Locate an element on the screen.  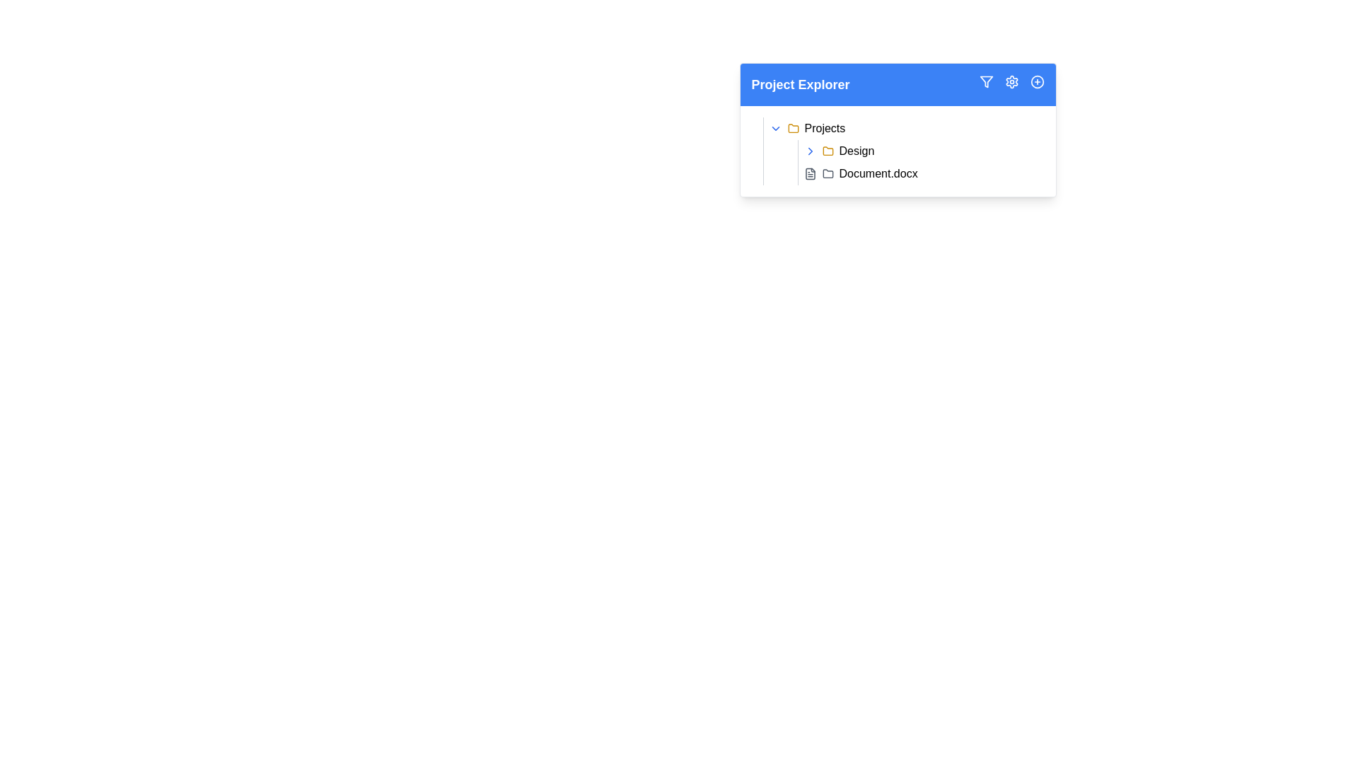
the file named 'DesignDocument.docx' located in the 'Projects' directory, which is the second item under the 'Design' folder is located at coordinates (910, 162).